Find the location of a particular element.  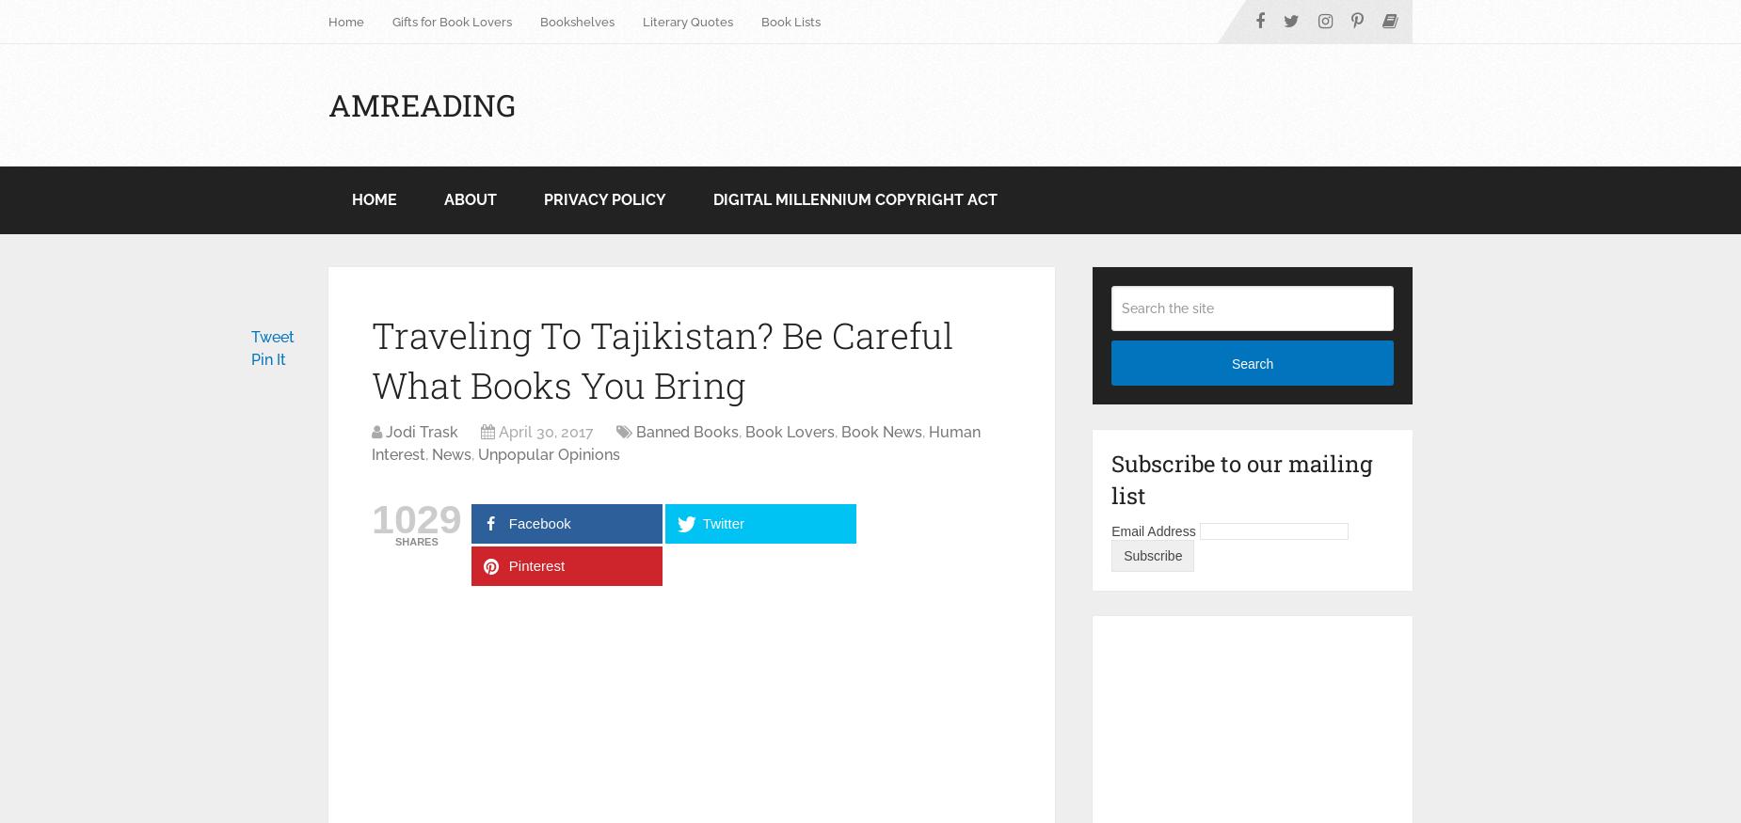

'Unpopular Opinions' is located at coordinates (478, 454).